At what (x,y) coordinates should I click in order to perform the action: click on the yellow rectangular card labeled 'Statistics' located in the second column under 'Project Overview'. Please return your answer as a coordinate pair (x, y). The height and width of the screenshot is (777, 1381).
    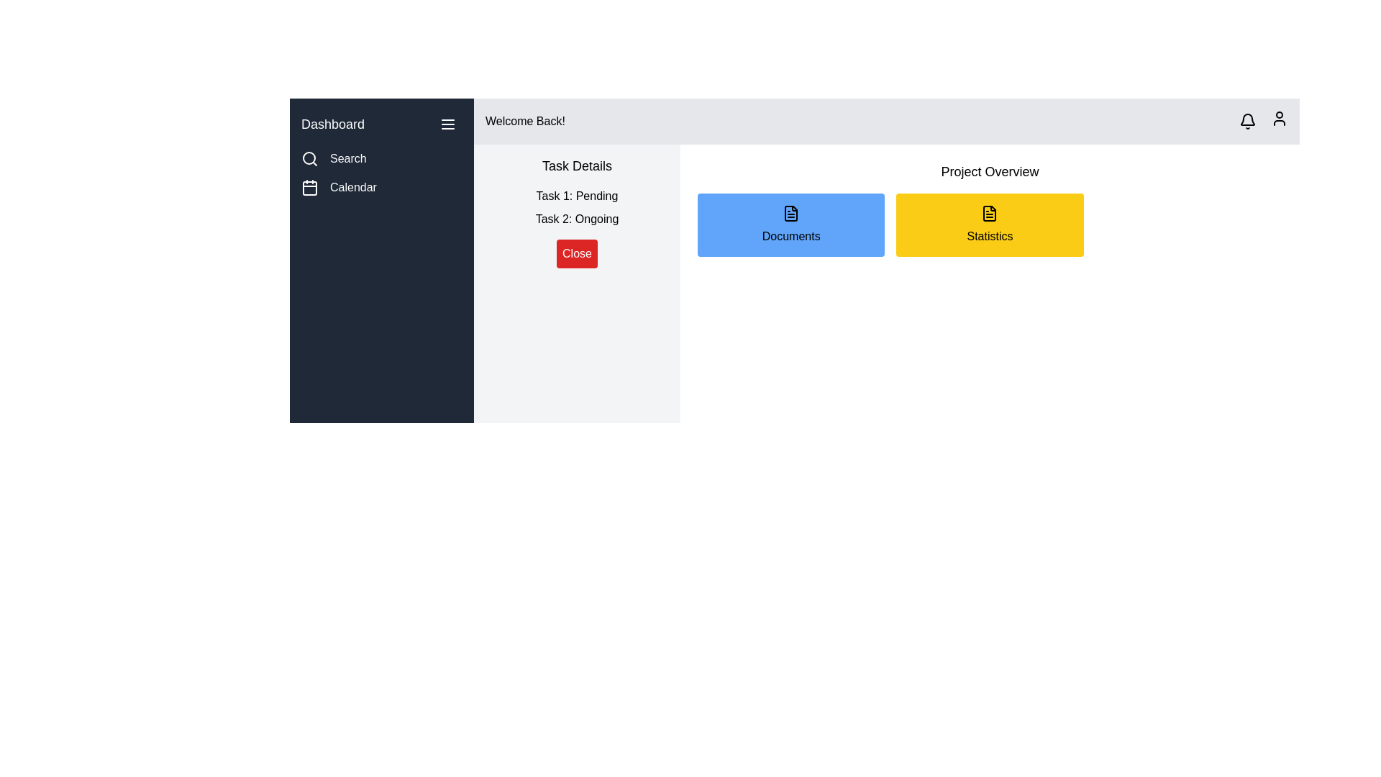
    Looking at the image, I should click on (989, 224).